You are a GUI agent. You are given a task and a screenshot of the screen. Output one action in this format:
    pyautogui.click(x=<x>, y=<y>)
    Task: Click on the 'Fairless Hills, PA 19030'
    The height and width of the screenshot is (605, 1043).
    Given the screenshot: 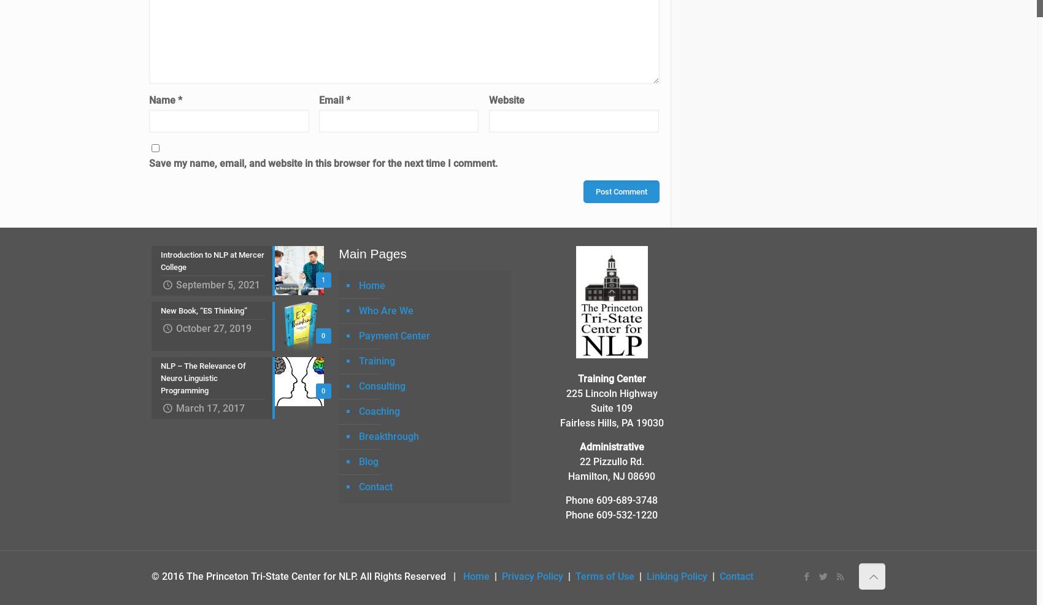 What is the action you would take?
    pyautogui.click(x=610, y=422)
    